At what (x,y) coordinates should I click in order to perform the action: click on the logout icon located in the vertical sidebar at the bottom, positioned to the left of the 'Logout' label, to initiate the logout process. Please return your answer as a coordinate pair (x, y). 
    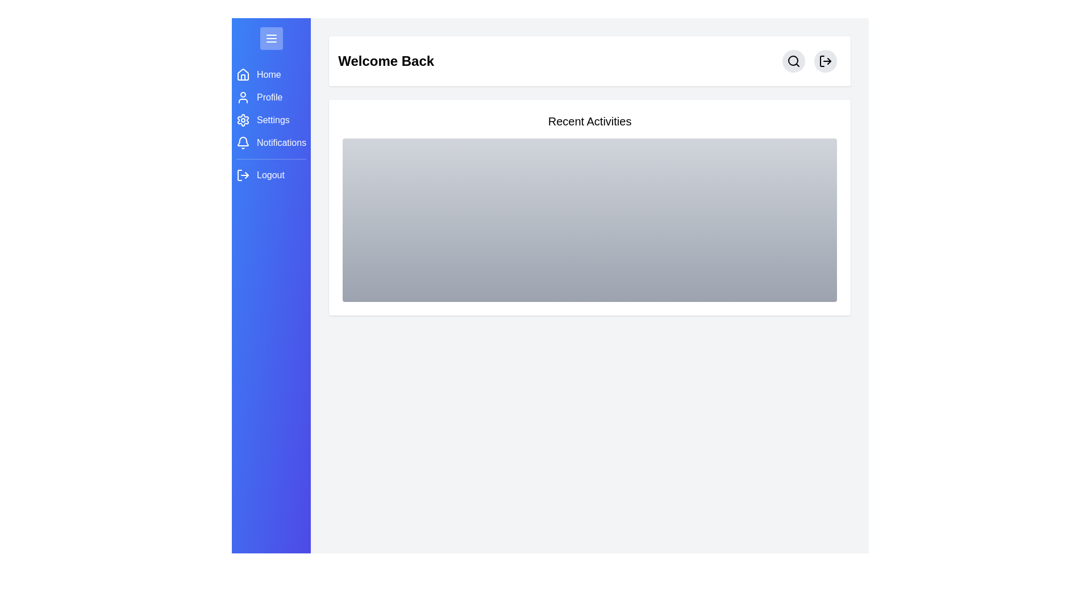
    Looking at the image, I should click on (242, 175).